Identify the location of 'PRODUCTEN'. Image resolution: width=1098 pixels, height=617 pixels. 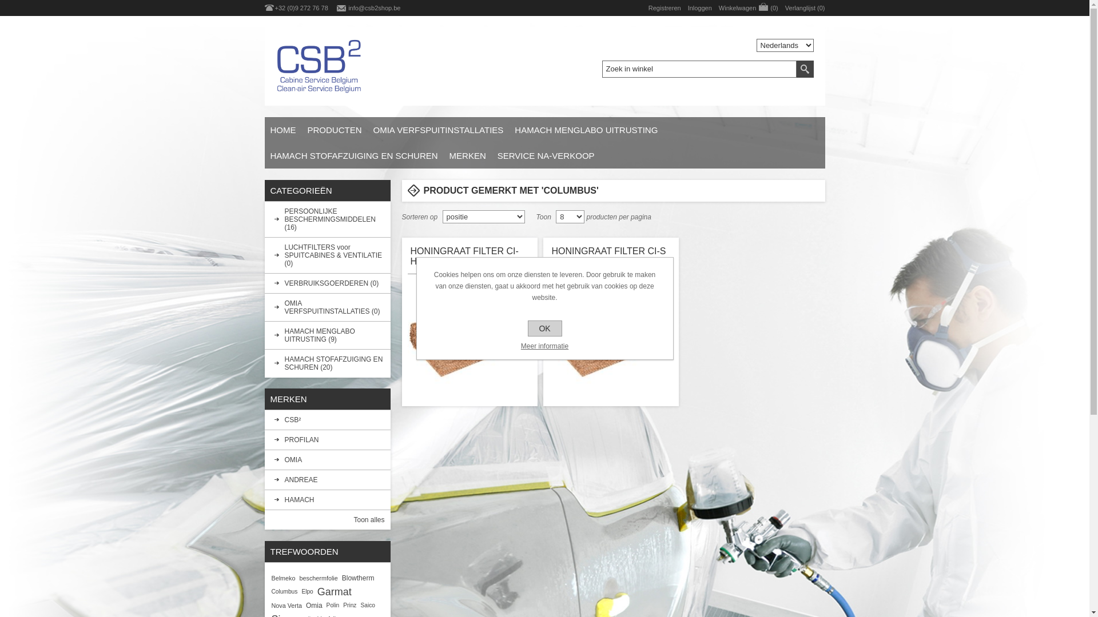
(334, 129).